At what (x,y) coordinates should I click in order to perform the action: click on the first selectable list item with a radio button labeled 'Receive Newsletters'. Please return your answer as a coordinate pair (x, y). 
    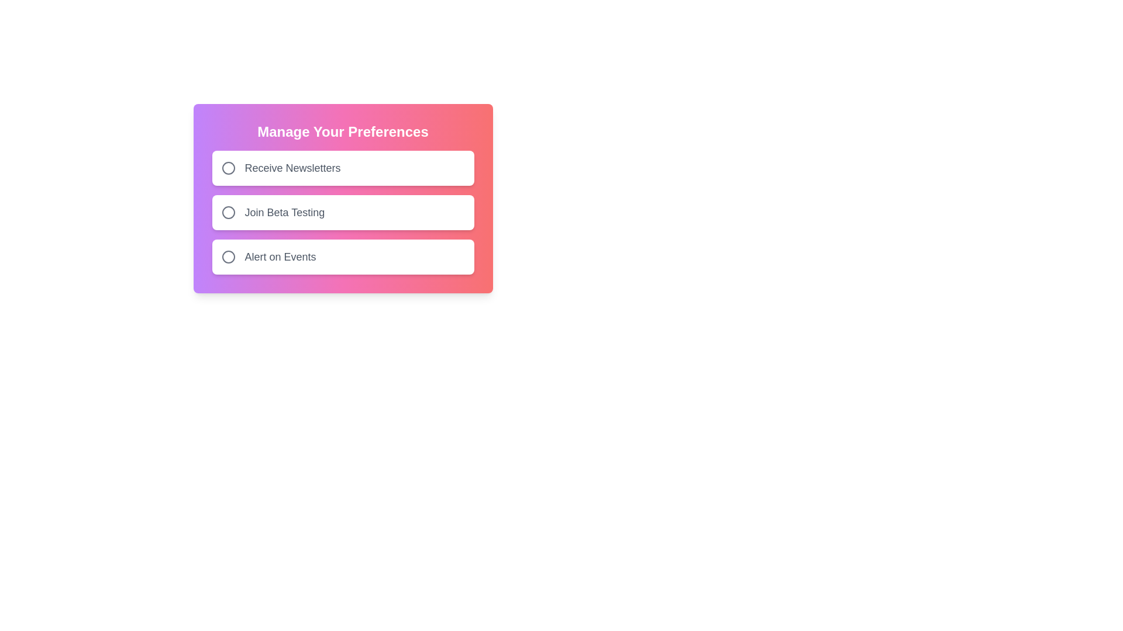
    Looking at the image, I should click on (342, 168).